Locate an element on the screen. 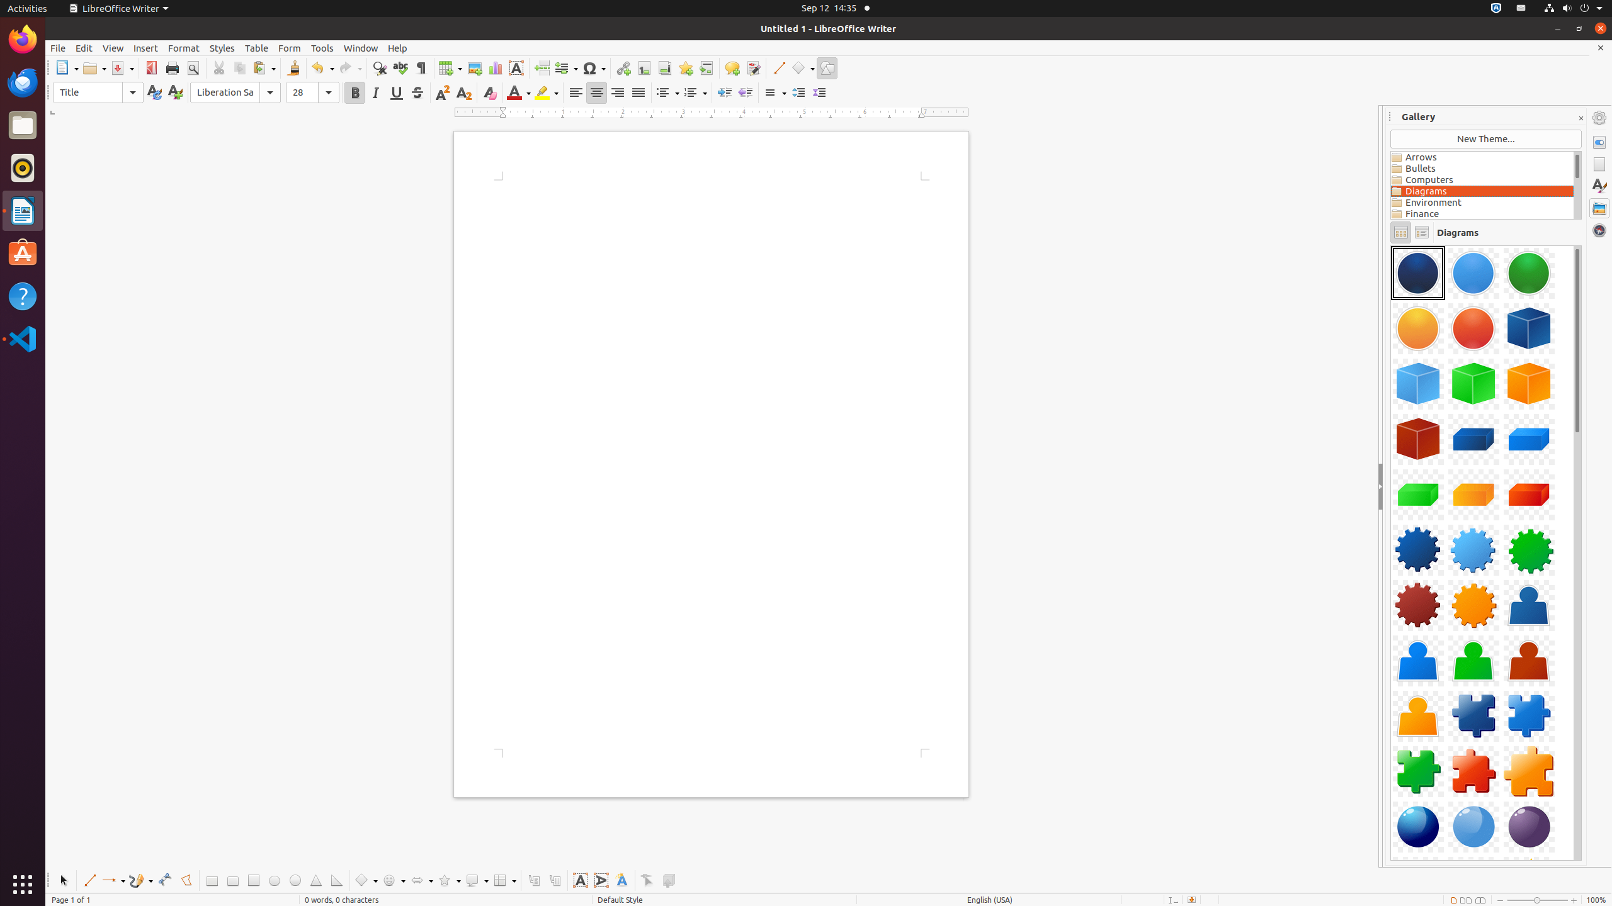  'Edit' is located at coordinates (84, 48).